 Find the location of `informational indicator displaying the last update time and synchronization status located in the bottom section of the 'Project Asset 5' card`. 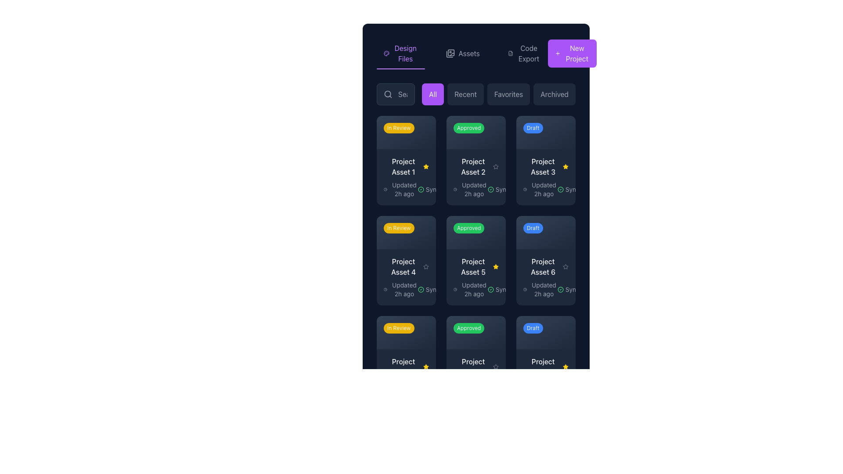

informational indicator displaying the last update time and synchronization status located in the bottom section of the 'Project Asset 5' card is located at coordinates (476, 289).